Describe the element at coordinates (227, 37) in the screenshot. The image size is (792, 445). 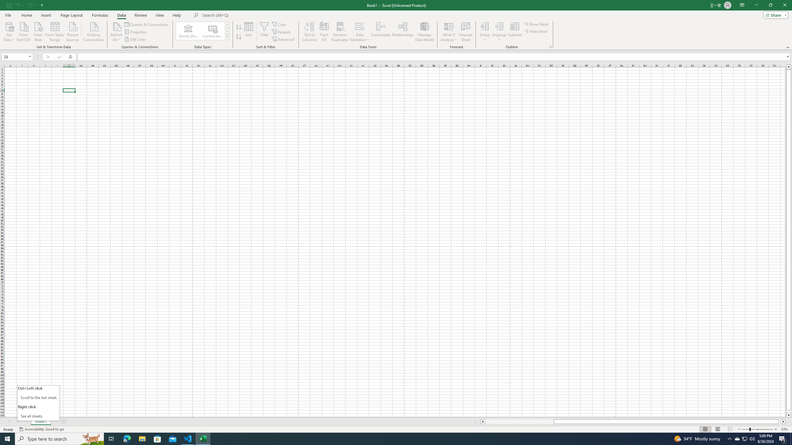
I see `'Class: NetUIImage'` at that location.